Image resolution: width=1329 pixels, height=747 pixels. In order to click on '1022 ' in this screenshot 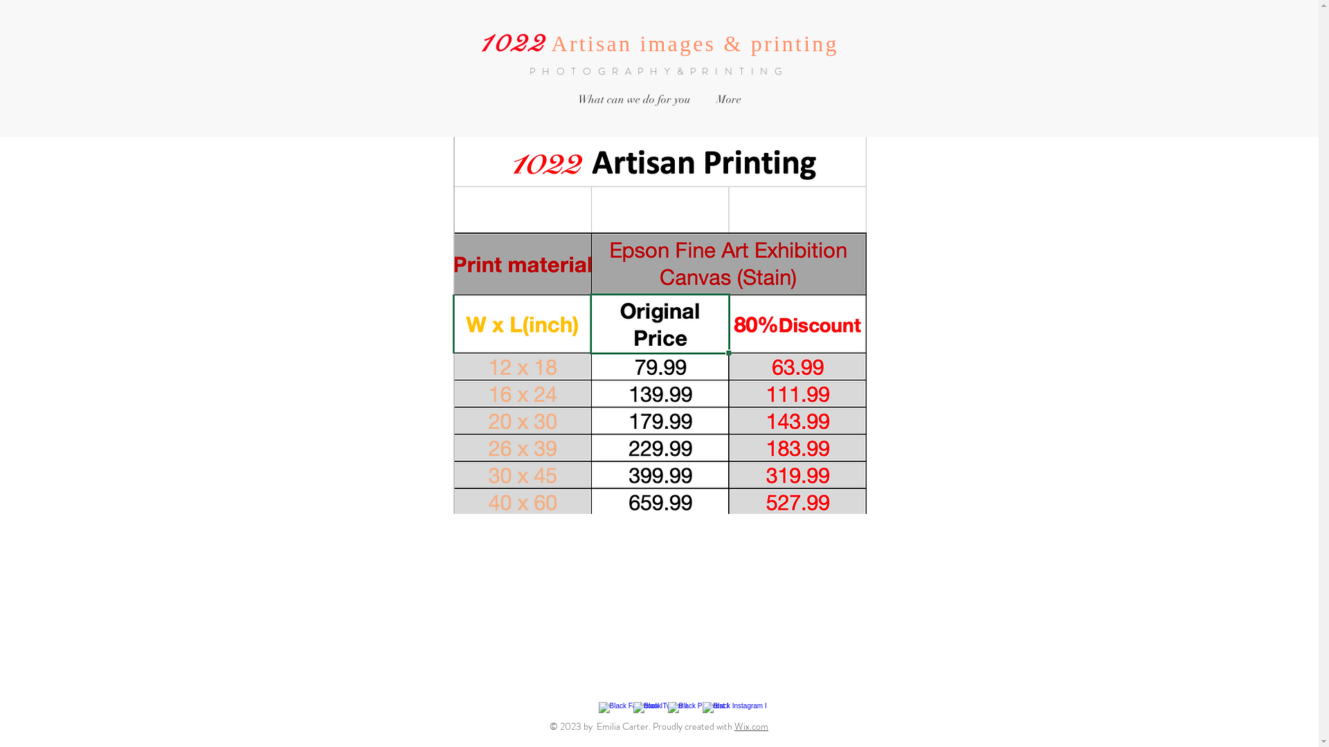, I will do `click(514, 42)`.